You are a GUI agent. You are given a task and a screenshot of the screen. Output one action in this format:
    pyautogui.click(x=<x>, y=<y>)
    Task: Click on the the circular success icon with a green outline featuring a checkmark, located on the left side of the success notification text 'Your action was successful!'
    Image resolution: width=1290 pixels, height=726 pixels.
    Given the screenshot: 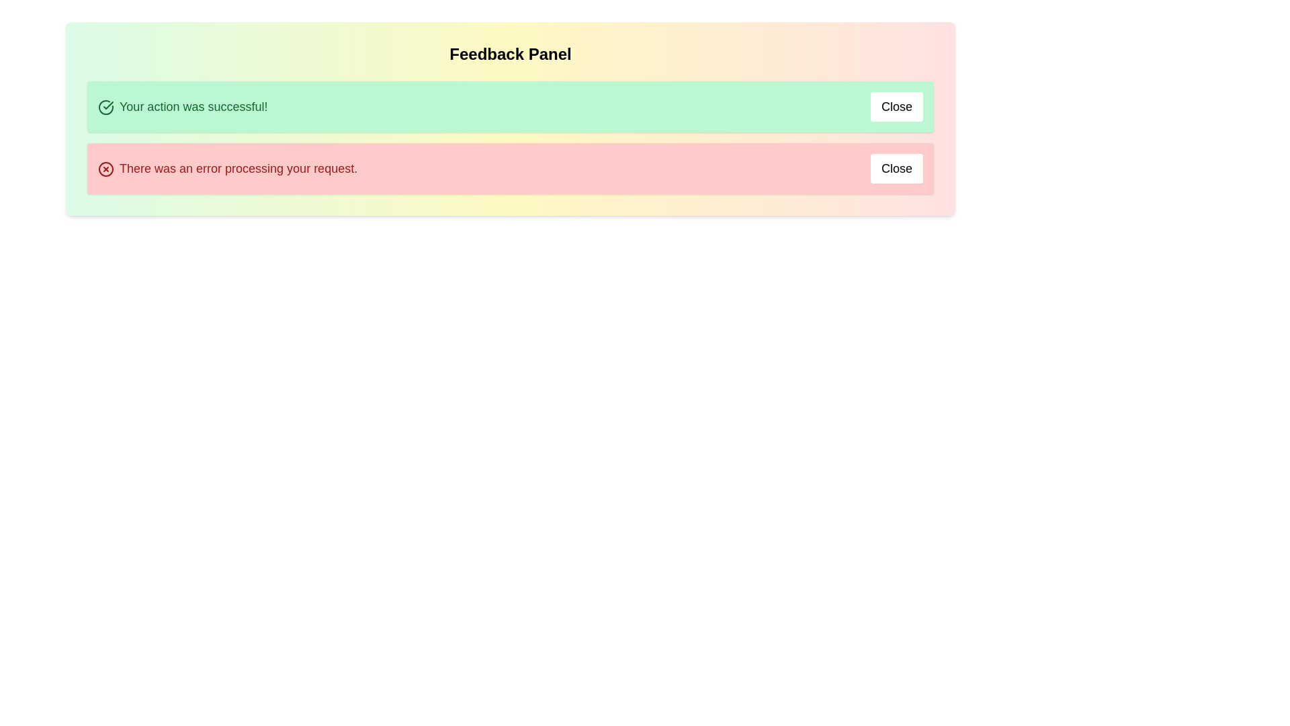 What is the action you would take?
    pyautogui.click(x=105, y=106)
    